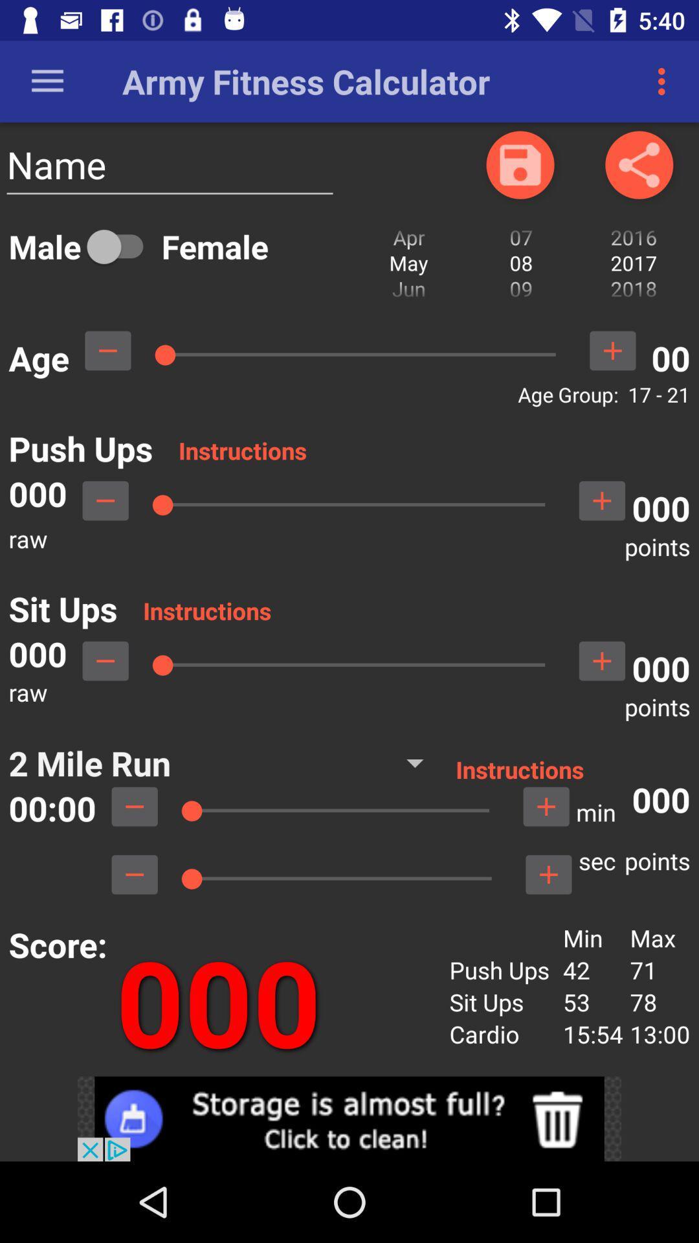 This screenshot has width=699, height=1243. What do you see at coordinates (107, 350) in the screenshot?
I see `choose age` at bounding box center [107, 350].